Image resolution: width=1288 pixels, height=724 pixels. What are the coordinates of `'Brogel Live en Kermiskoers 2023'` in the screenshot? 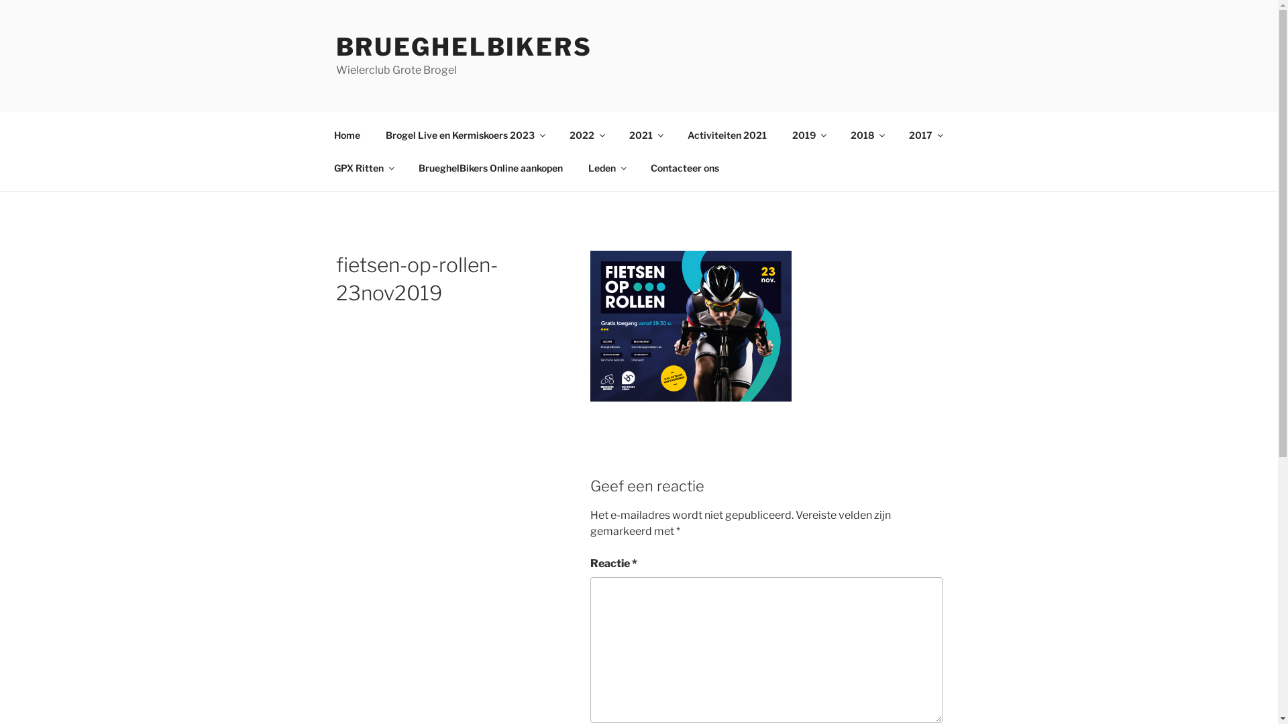 It's located at (465, 134).